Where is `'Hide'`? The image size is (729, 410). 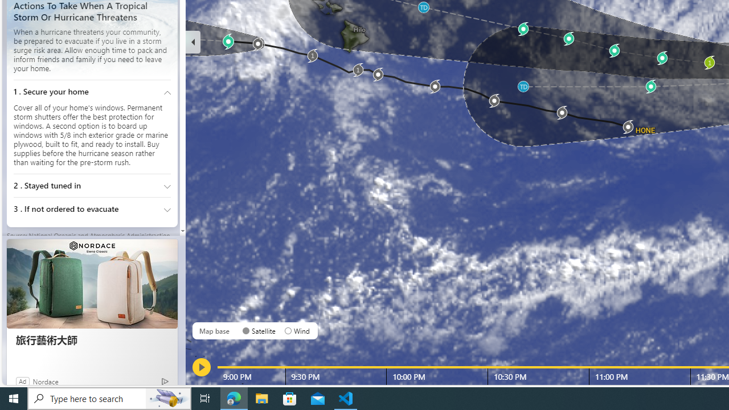
'Hide' is located at coordinates (193, 41).